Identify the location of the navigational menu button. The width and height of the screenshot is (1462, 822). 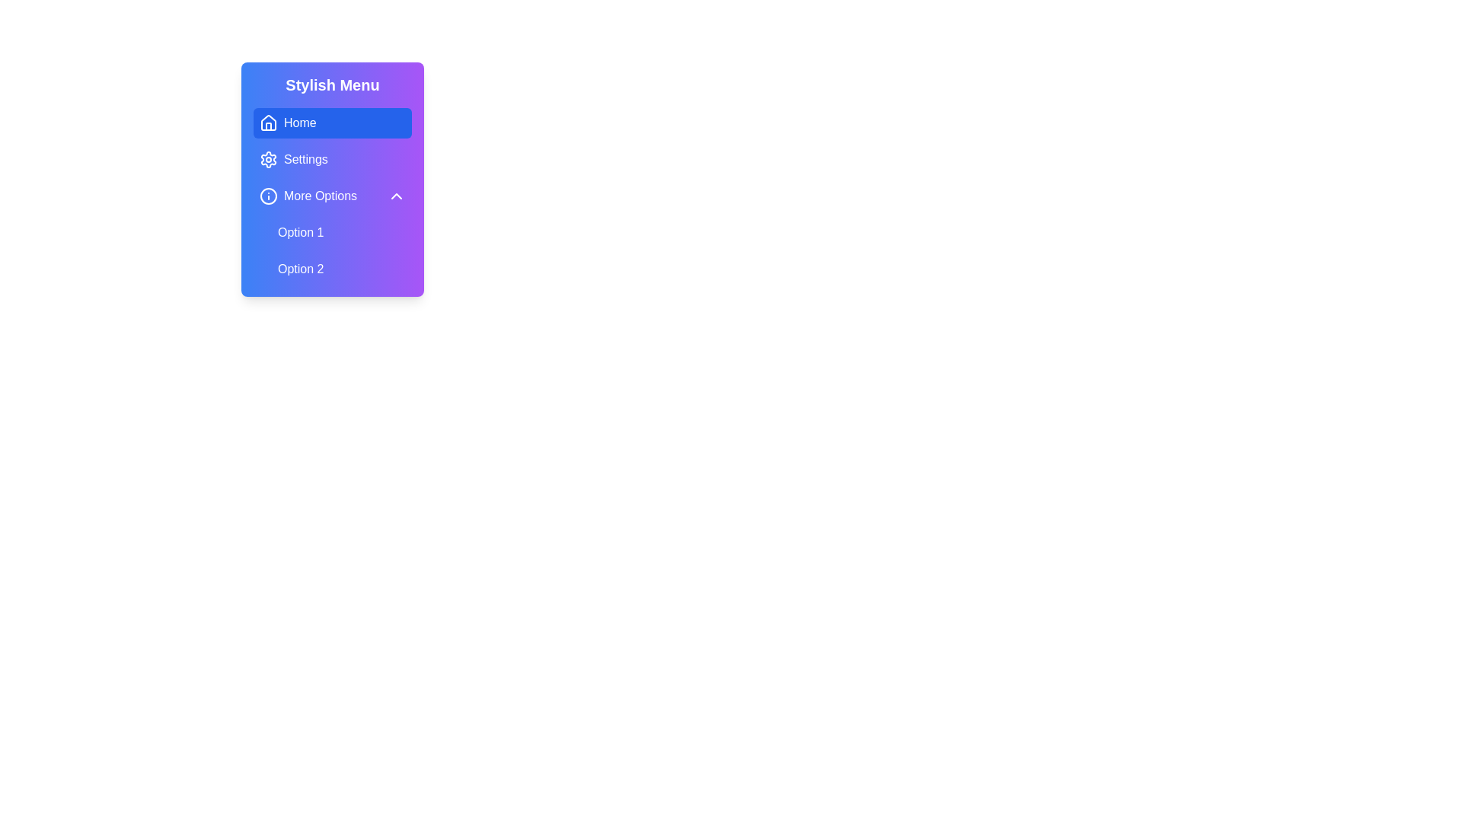
(331, 159).